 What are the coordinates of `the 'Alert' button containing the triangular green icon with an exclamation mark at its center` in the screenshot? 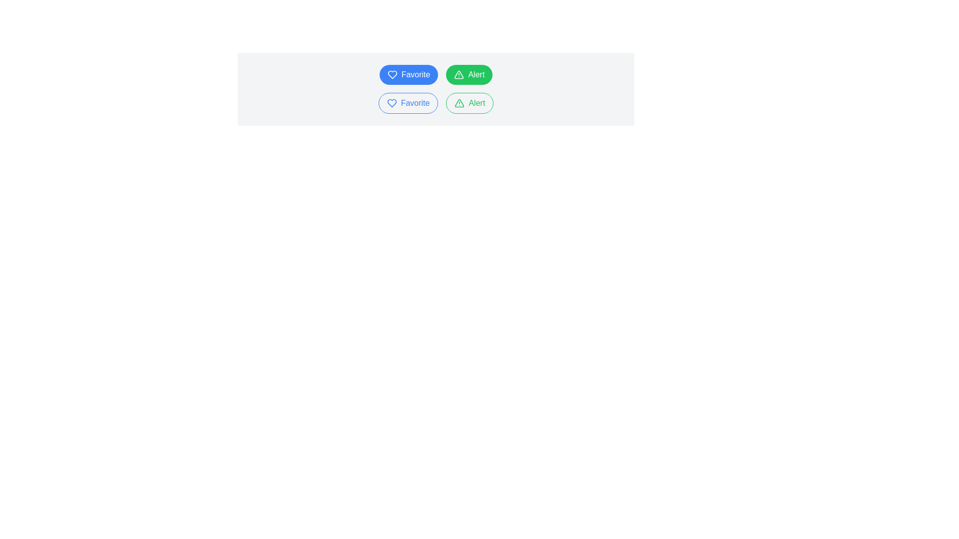 It's located at (458, 74).